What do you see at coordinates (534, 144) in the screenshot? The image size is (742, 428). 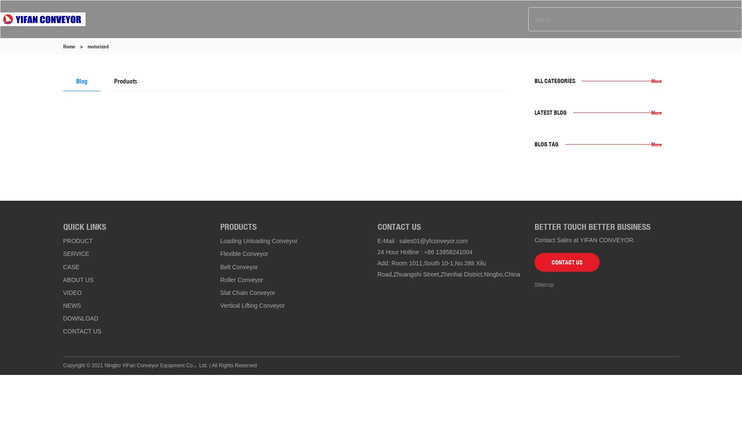 I see `'Blog Tag'` at bounding box center [534, 144].